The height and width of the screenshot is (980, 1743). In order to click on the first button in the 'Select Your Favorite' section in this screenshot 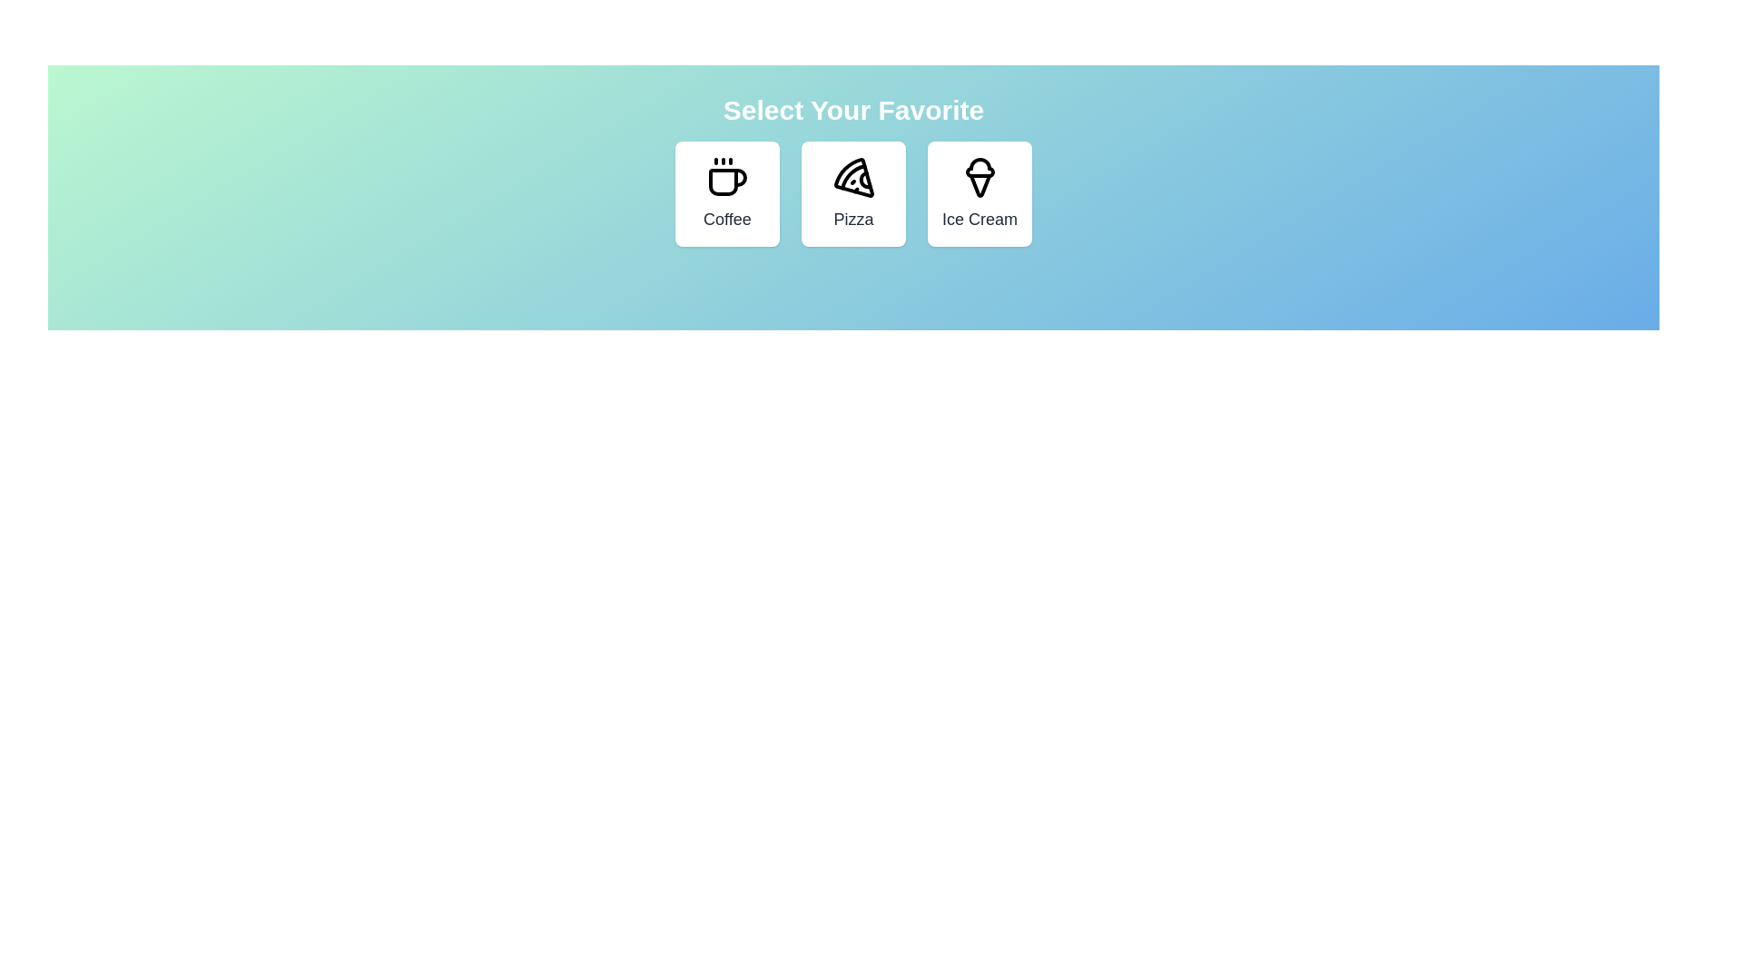, I will do `click(727, 193)`.